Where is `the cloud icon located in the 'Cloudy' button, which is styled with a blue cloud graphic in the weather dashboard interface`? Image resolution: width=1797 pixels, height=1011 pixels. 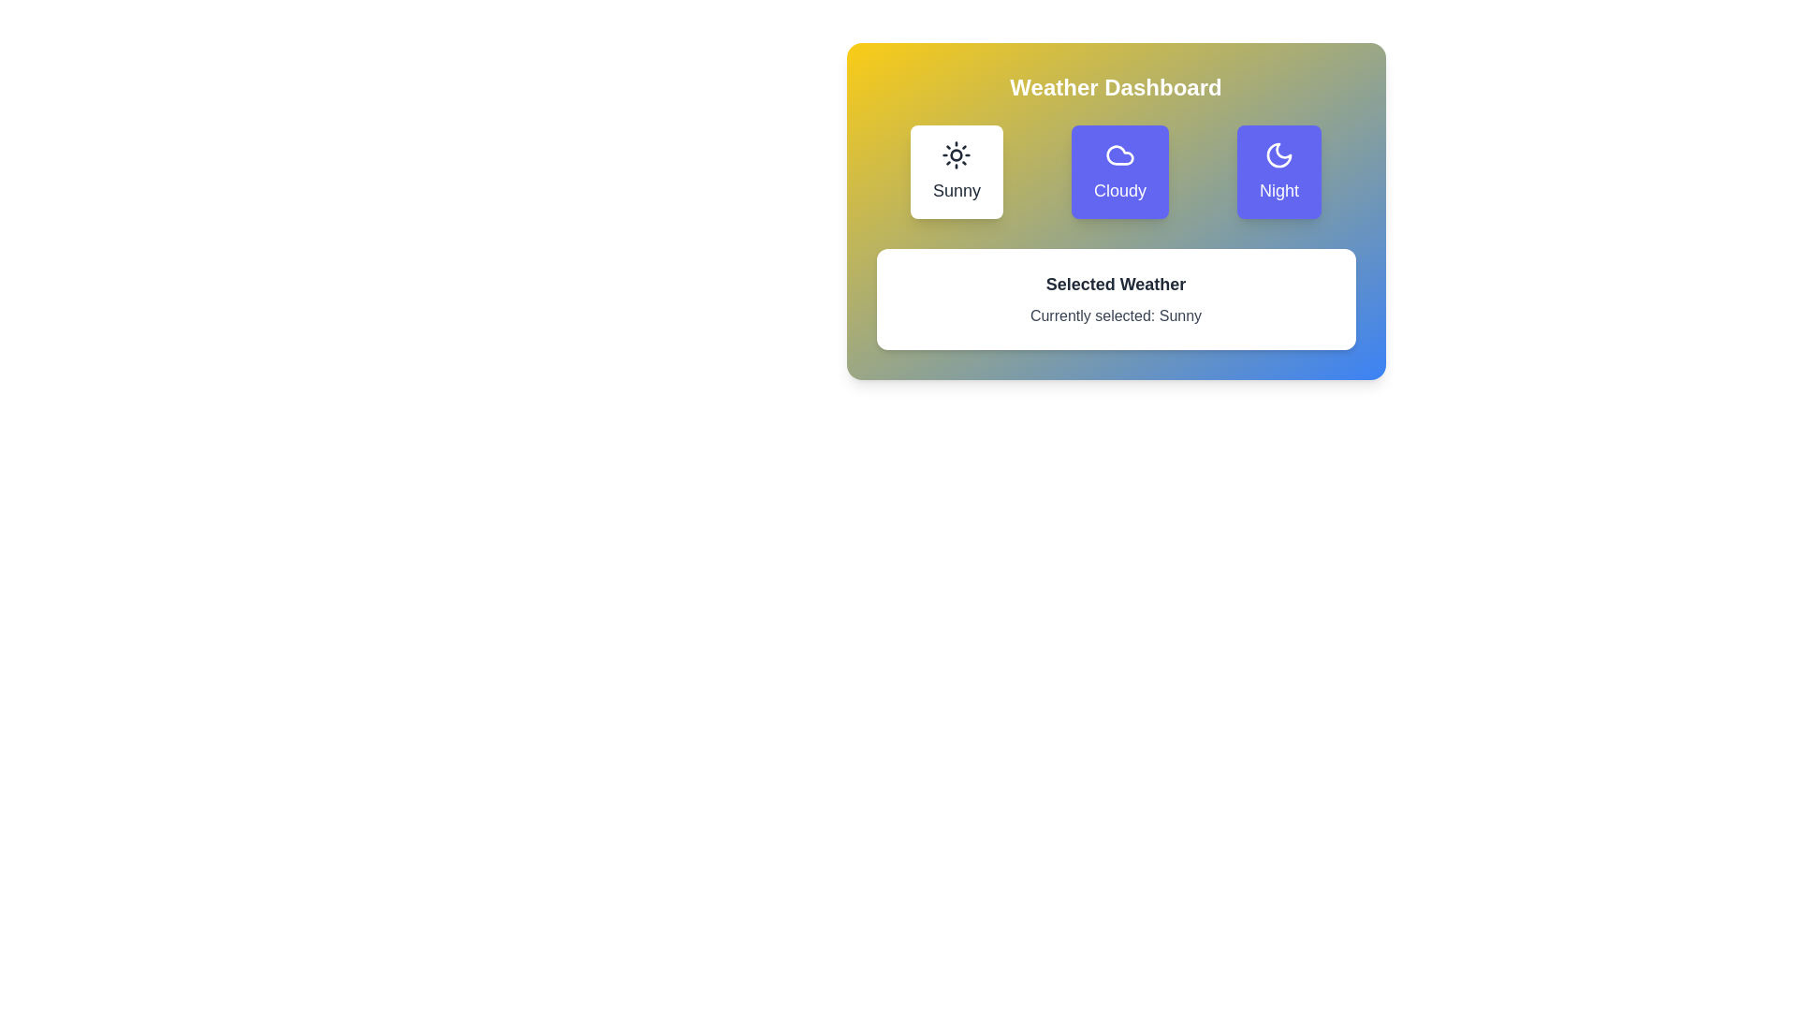
the cloud icon located in the 'Cloudy' button, which is styled with a blue cloud graphic in the weather dashboard interface is located at coordinates (1119, 154).